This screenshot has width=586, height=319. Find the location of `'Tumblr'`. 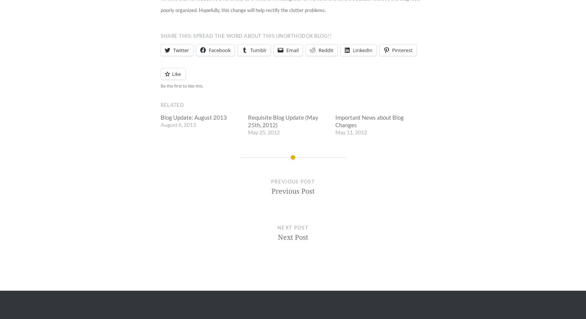

'Tumblr' is located at coordinates (250, 50).